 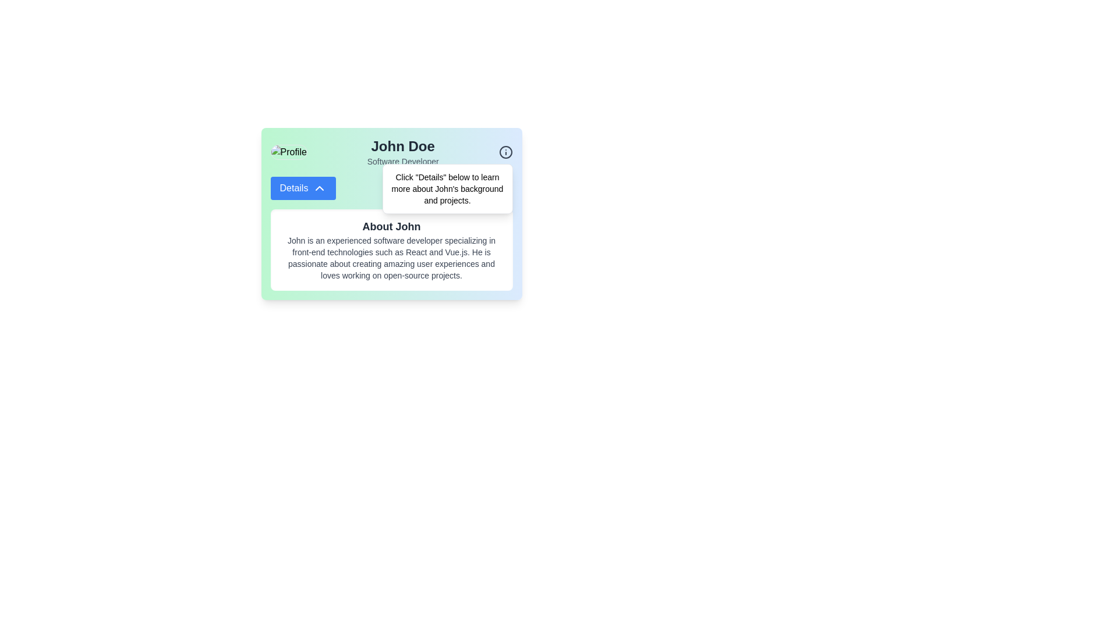 I want to click on displayed information of the text label that shows the name 'John Doe' and the title 'Software Developer', which is prominently displayed in a card layout above the 'Details' button, so click(x=403, y=152).